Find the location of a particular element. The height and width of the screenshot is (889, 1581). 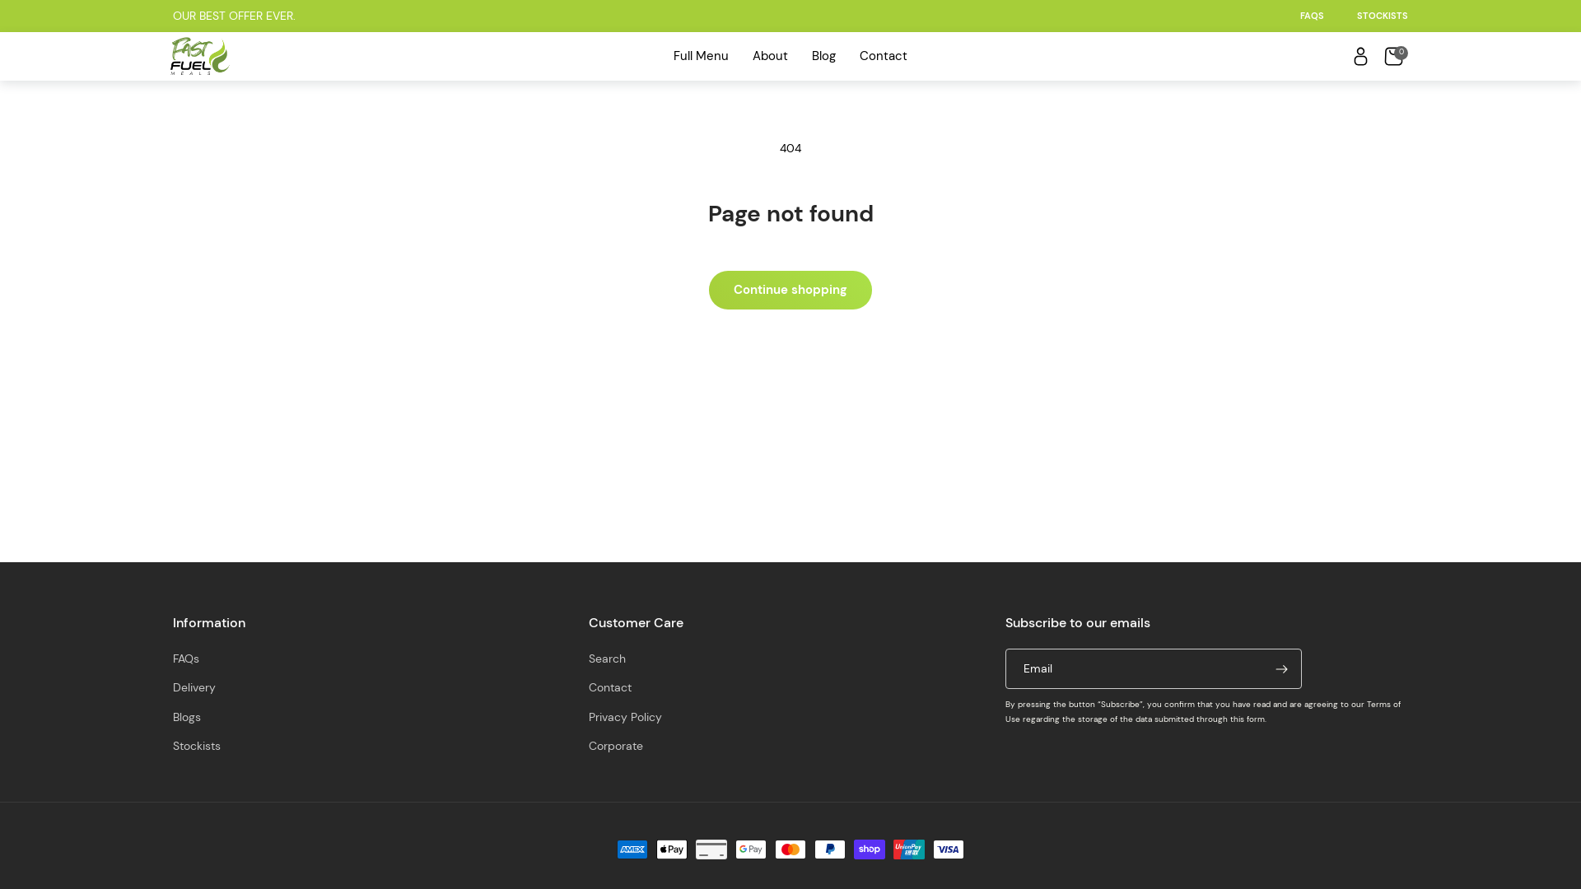

'Privacy Policy' is located at coordinates (624, 716).